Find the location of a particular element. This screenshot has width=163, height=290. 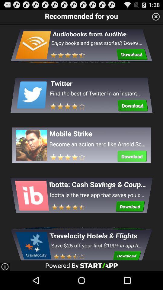

the close button is located at coordinates (156, 16).